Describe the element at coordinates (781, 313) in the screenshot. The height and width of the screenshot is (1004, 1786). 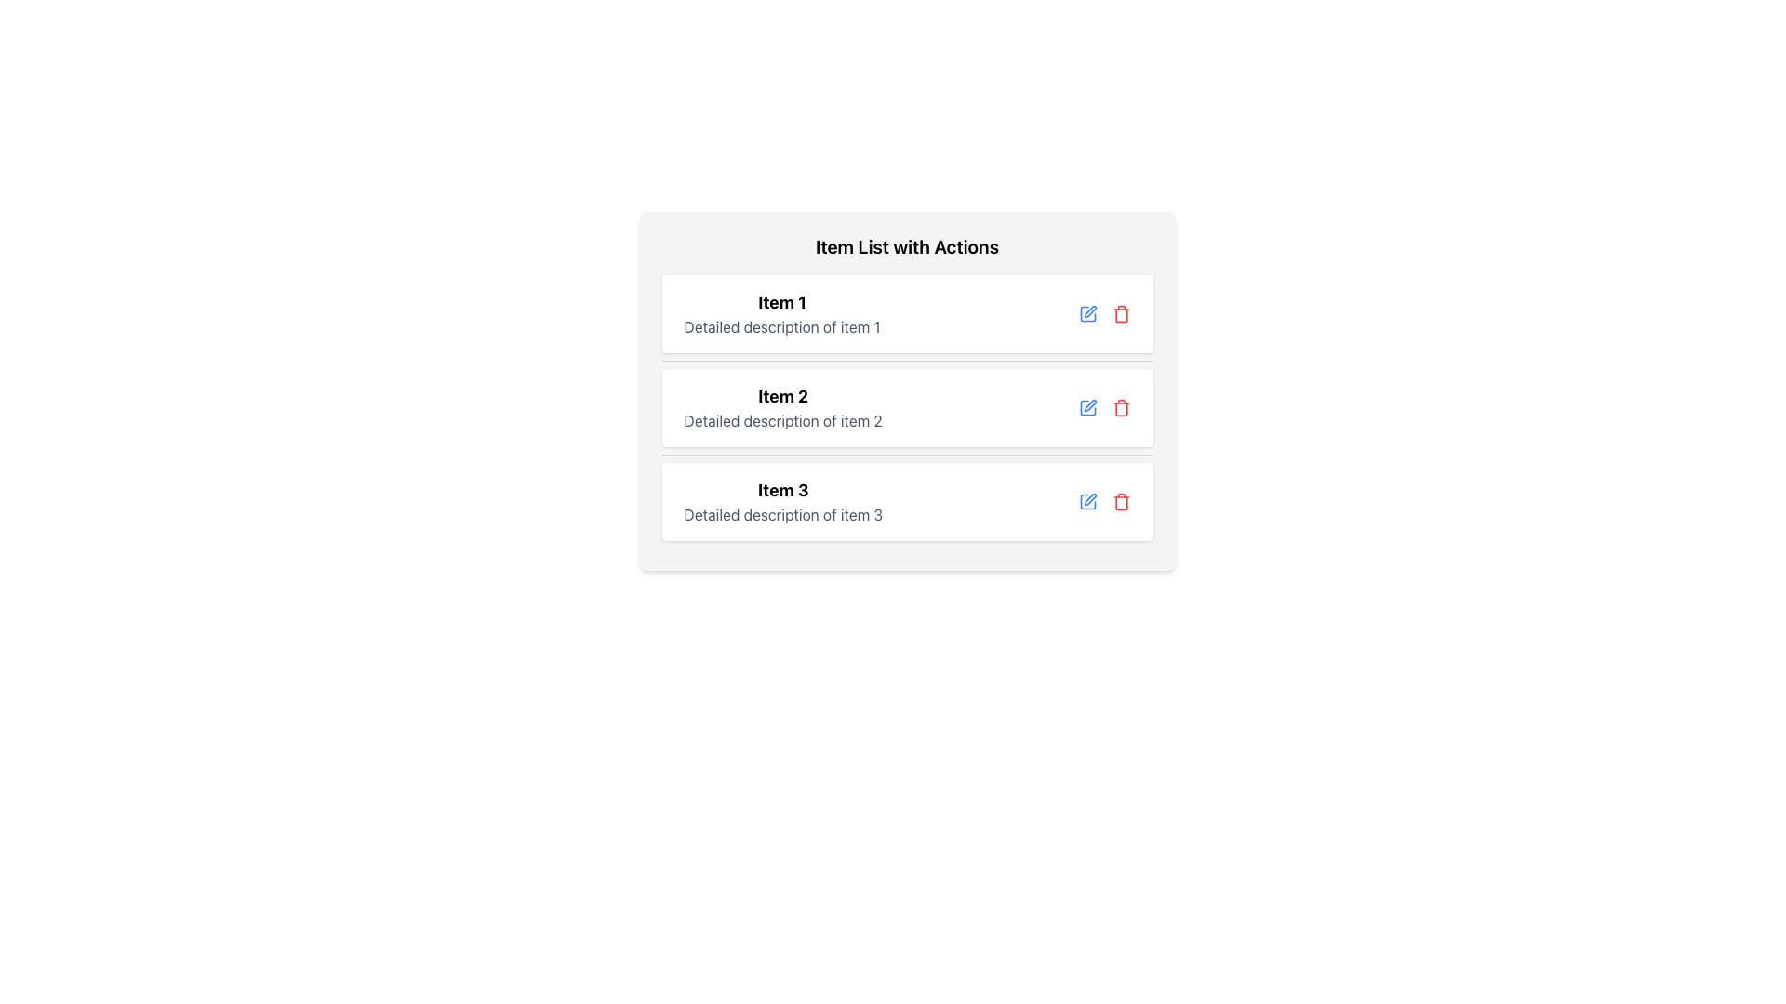
I see `the Text display element that shows 'Item 1' in bold at the top of the list, which includes a detailed description of the item` at that location.